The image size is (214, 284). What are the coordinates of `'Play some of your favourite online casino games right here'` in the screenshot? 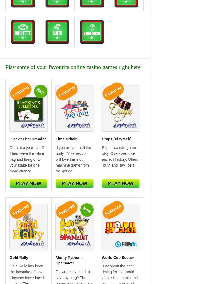 It's located at (5, 67).